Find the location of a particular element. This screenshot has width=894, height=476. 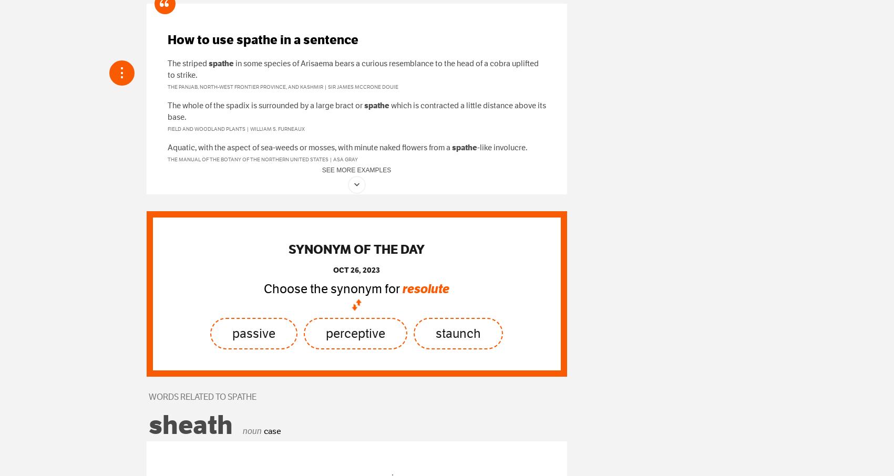

'The striped' is located at coordinates (167, 63).